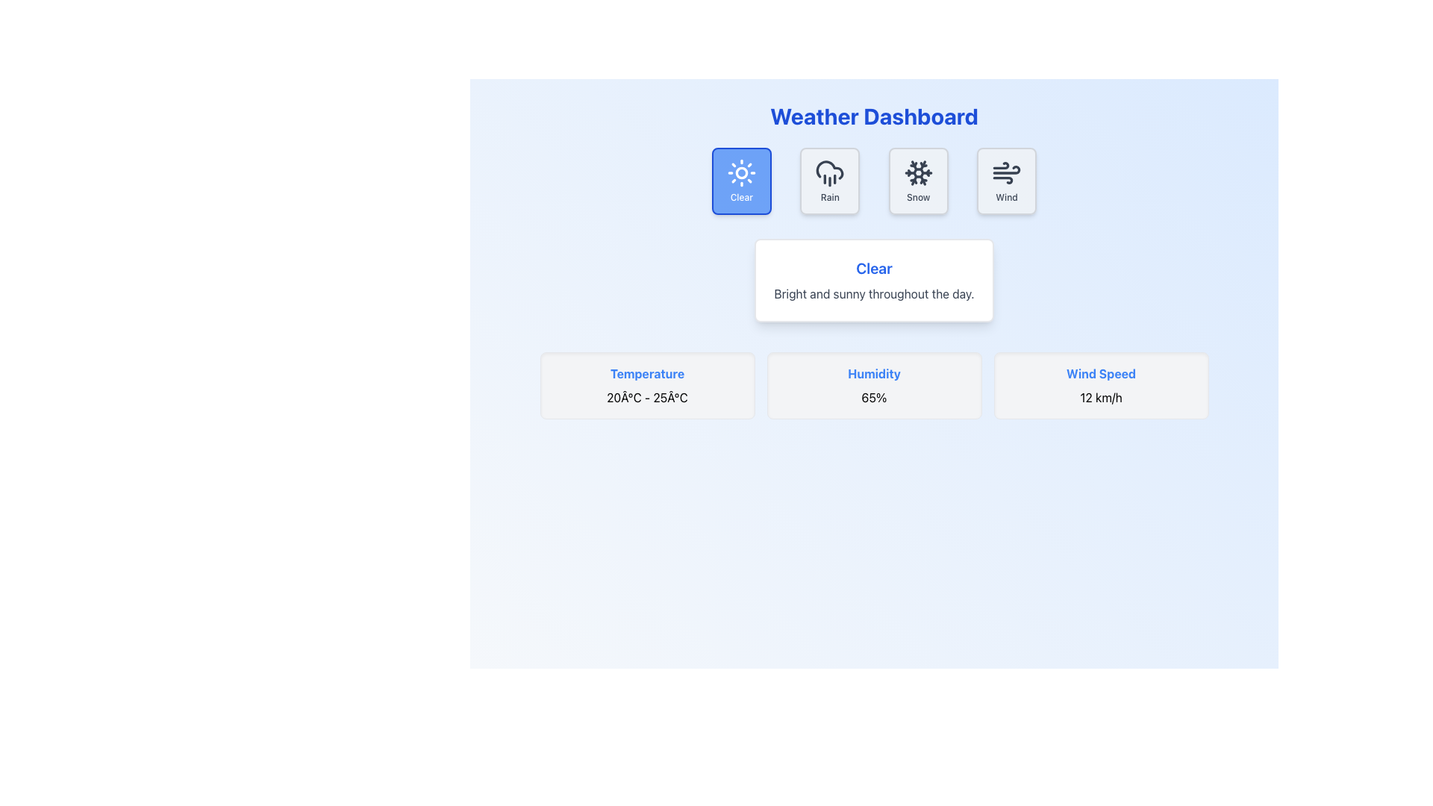  I want to click on displayed information from the static informational card that shows 'Wind Speed' and its value '12 km/h' in the Weather Dashboard section, so click(1101, 384).